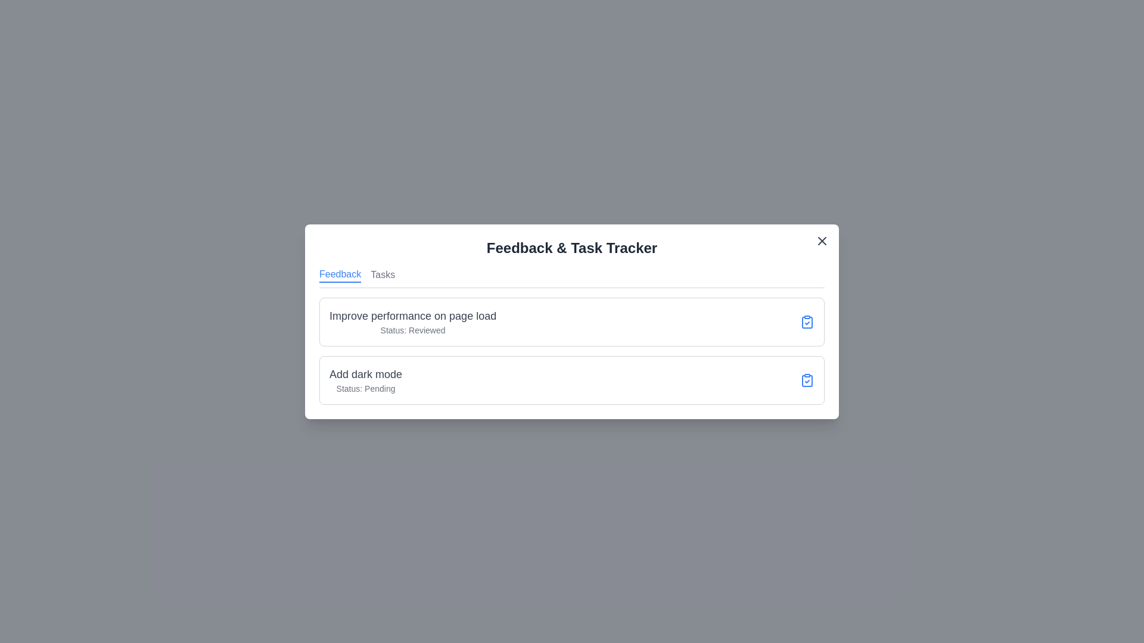 The image size is (1144, 643). What do you see at coordinates (365, 380) in the screenshot?
I see `the 'Add dark mode' text display area, which is located within the second task card of the 'Feedback & Task Tracker' interface` at bounding box center [365, 380].